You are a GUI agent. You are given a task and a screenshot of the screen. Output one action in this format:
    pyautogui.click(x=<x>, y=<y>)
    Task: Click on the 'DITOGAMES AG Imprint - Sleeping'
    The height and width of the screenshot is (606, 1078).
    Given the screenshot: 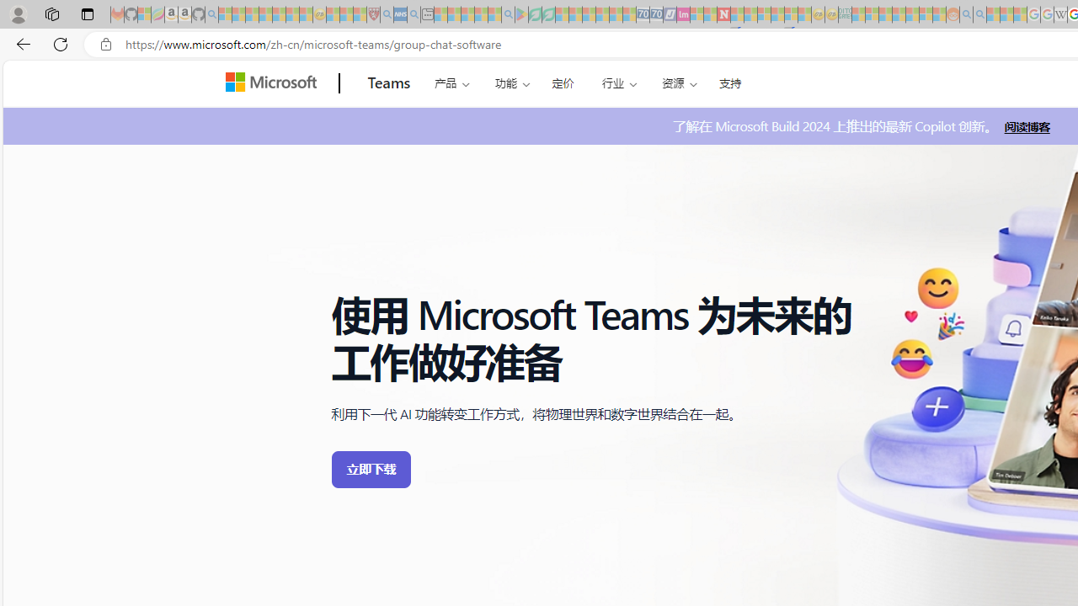 What is the action you would take?
    pyautogui.click(x=845, y=14)
    